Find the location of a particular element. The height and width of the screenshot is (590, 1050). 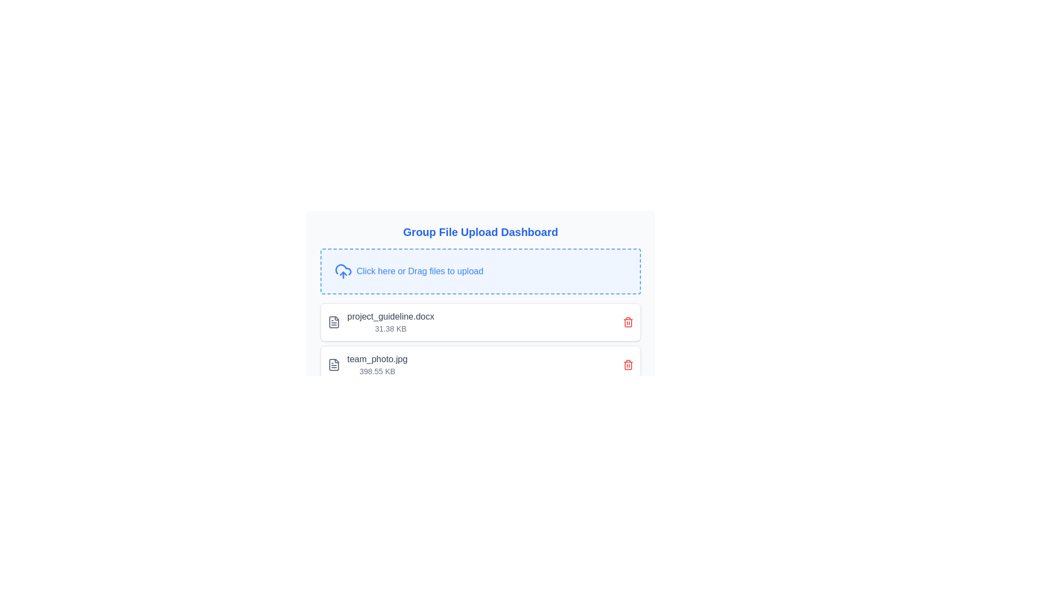

the first file list item in the file upload interface is located at coordinates (381, 322).